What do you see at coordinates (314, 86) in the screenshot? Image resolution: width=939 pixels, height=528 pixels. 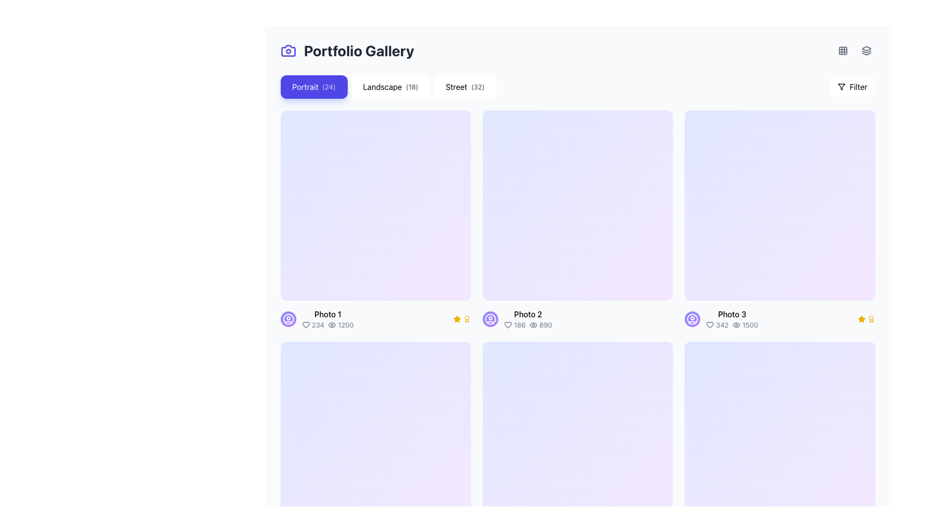 I see `the first category selector button located to the left of the 'Landscape (18)' button` at bounding box center [314, 86].